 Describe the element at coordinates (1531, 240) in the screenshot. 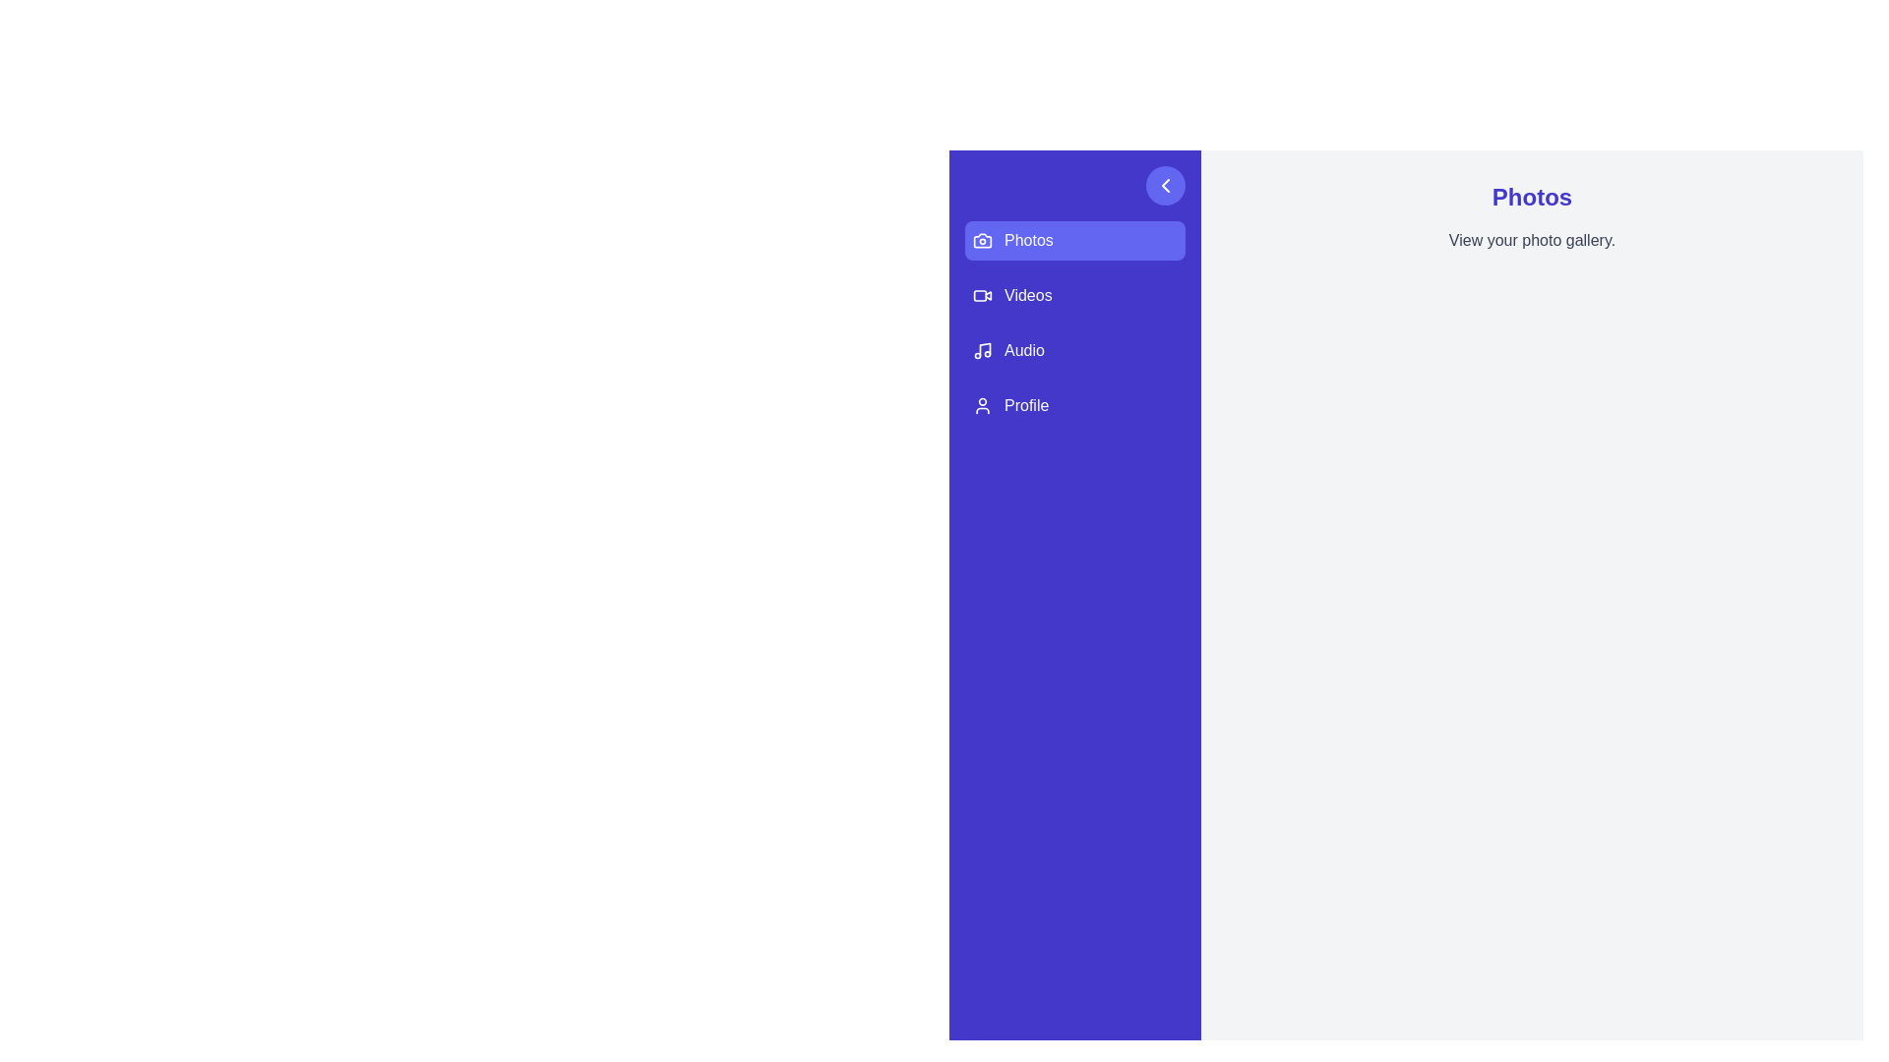

I see `the text label displaying 'View your photo gallery.' located beneath the heading 'Photos' in the main content panel` at that location.